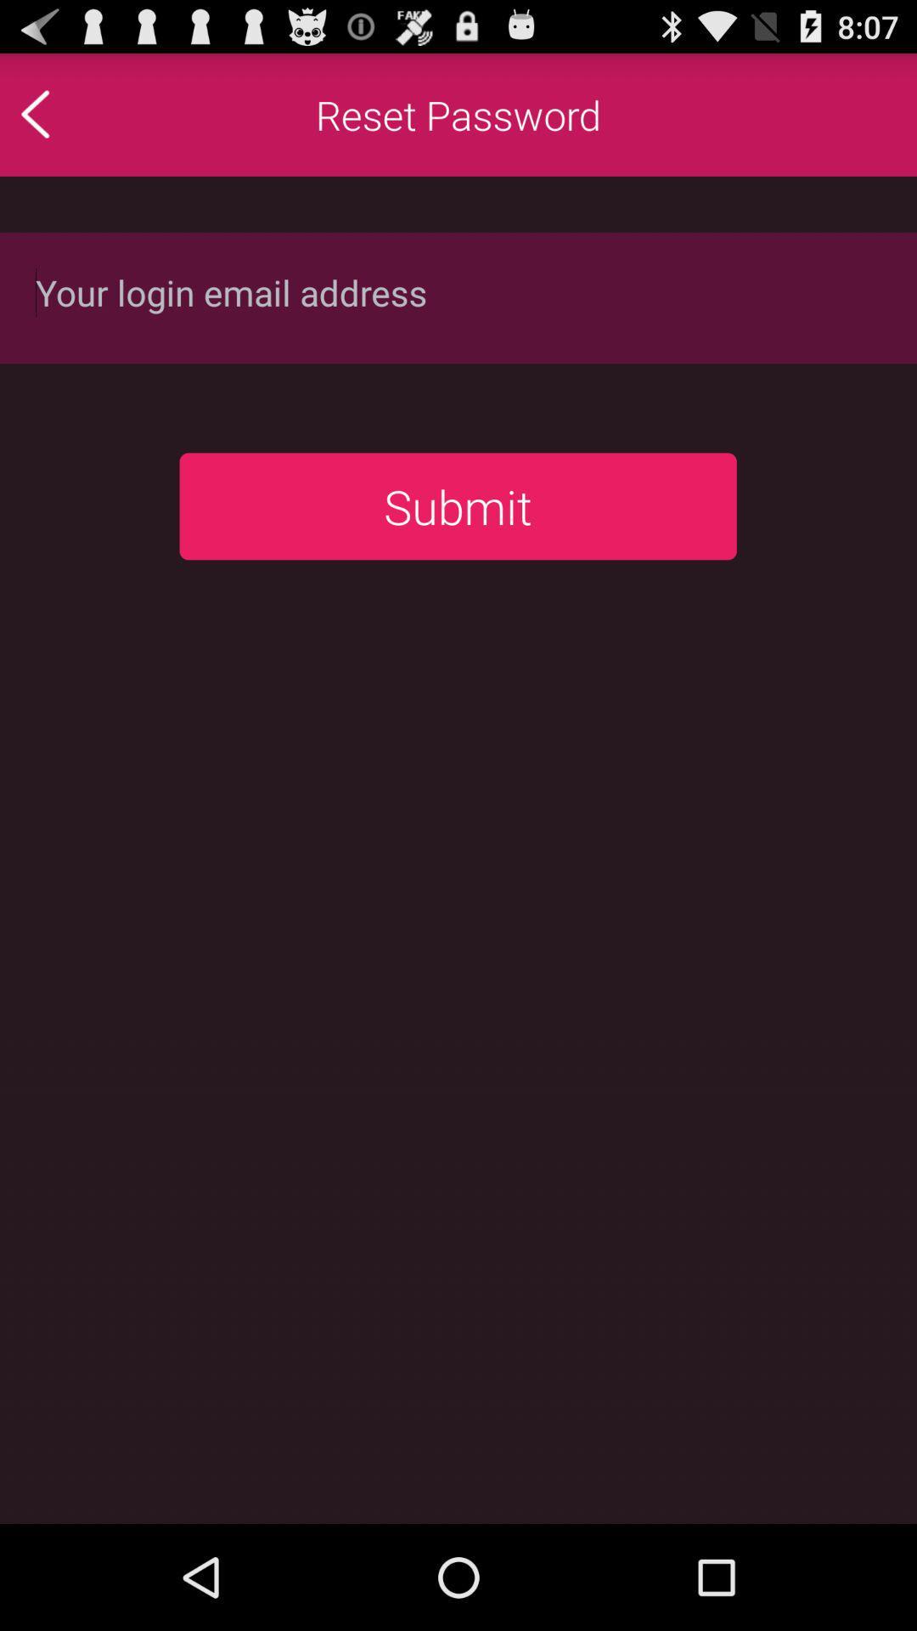  Describe the element at coordinates (70, 113) in the screenshot. I see `go back` at that location.